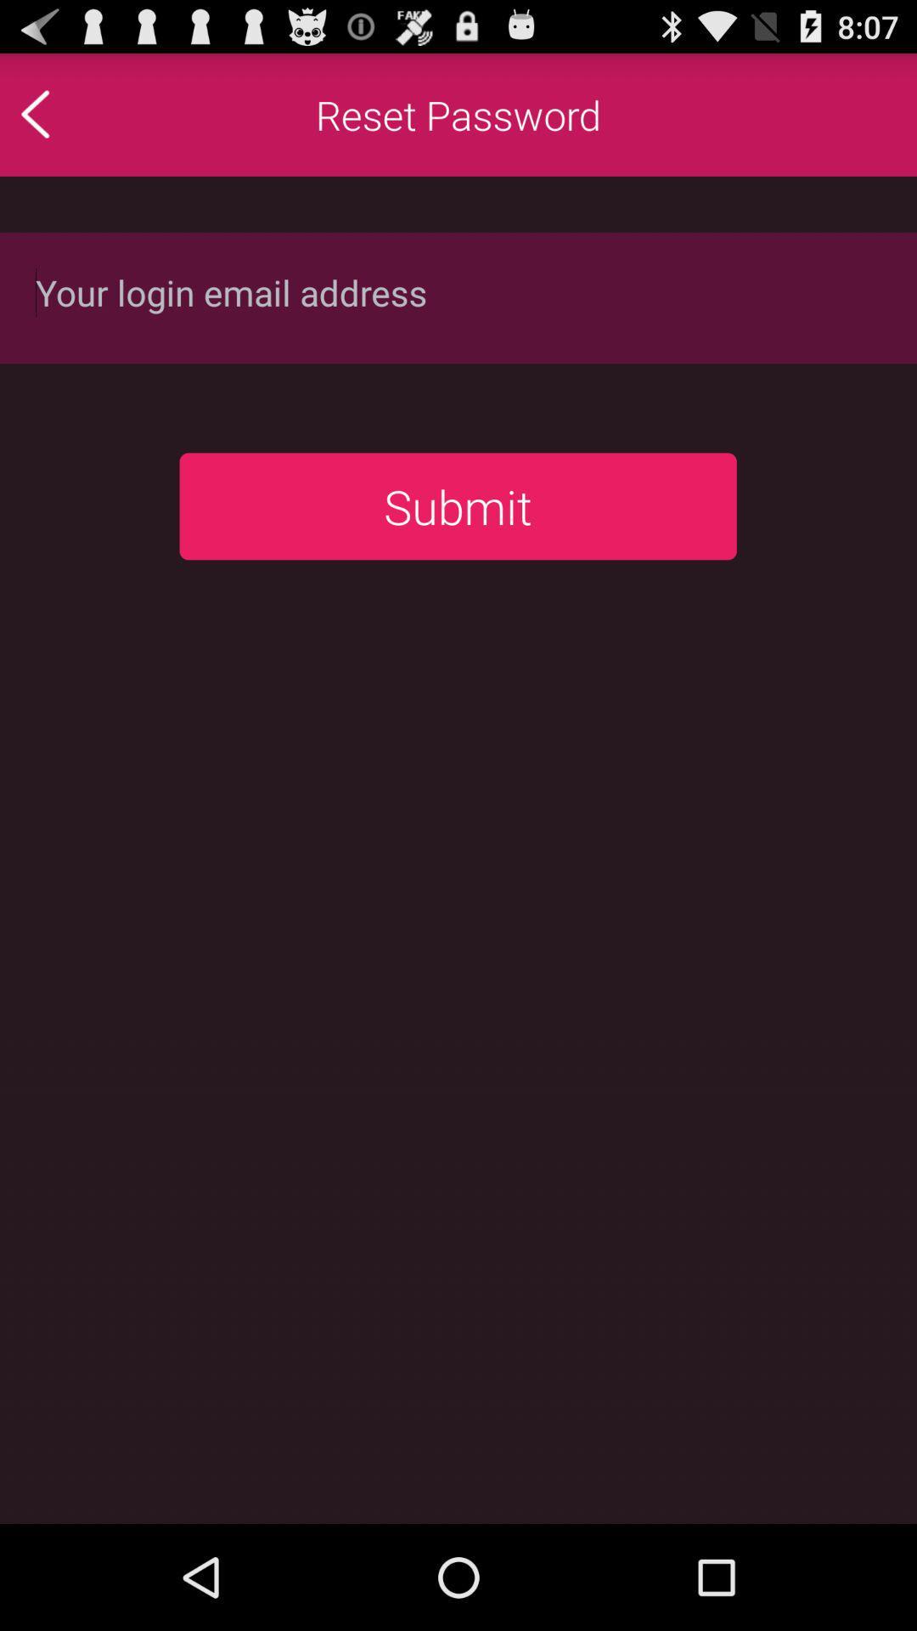  Describe the element at coordinates (70, 113) in the screenshot. I see `go back` at that location.